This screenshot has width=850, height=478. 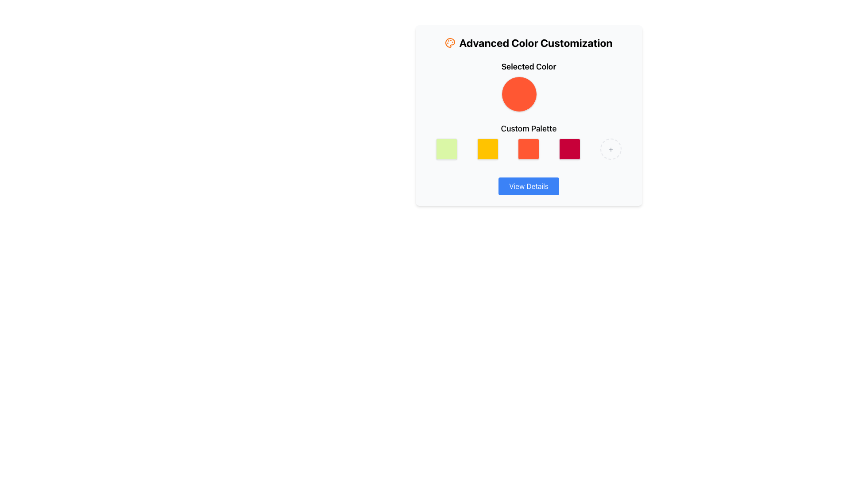 What do you see at coordinates (529, 185) in the screenshot?
I see `the 'View Details' button located at the bottom-center of the 'Advanced Color Customization' card to initiate an action` at bounding box center [529, 185].